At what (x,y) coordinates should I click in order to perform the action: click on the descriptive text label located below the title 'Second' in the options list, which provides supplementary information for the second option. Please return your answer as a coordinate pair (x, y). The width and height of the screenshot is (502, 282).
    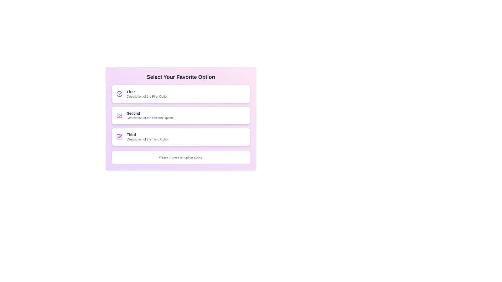
    Looking at the image, I should click on (150, 118).